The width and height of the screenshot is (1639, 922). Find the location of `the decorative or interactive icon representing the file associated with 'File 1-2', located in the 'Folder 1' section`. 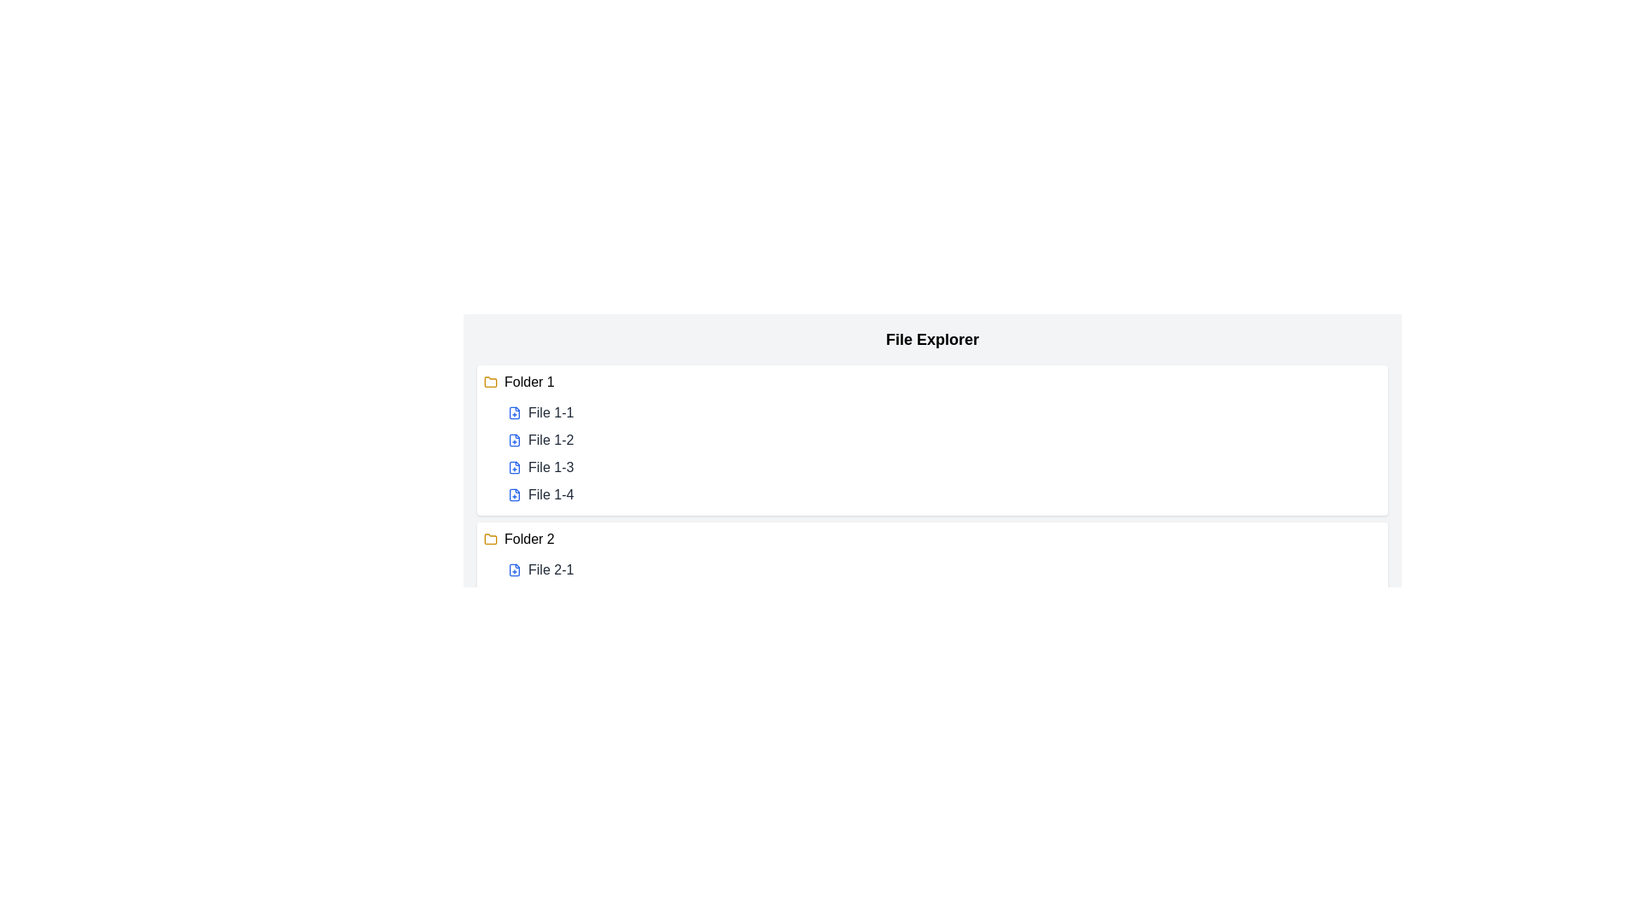

the decorative or interactive icon representing the file associated with 'File 1-2', located in the 'Folder 1' section is located at coordinates (514, 440).